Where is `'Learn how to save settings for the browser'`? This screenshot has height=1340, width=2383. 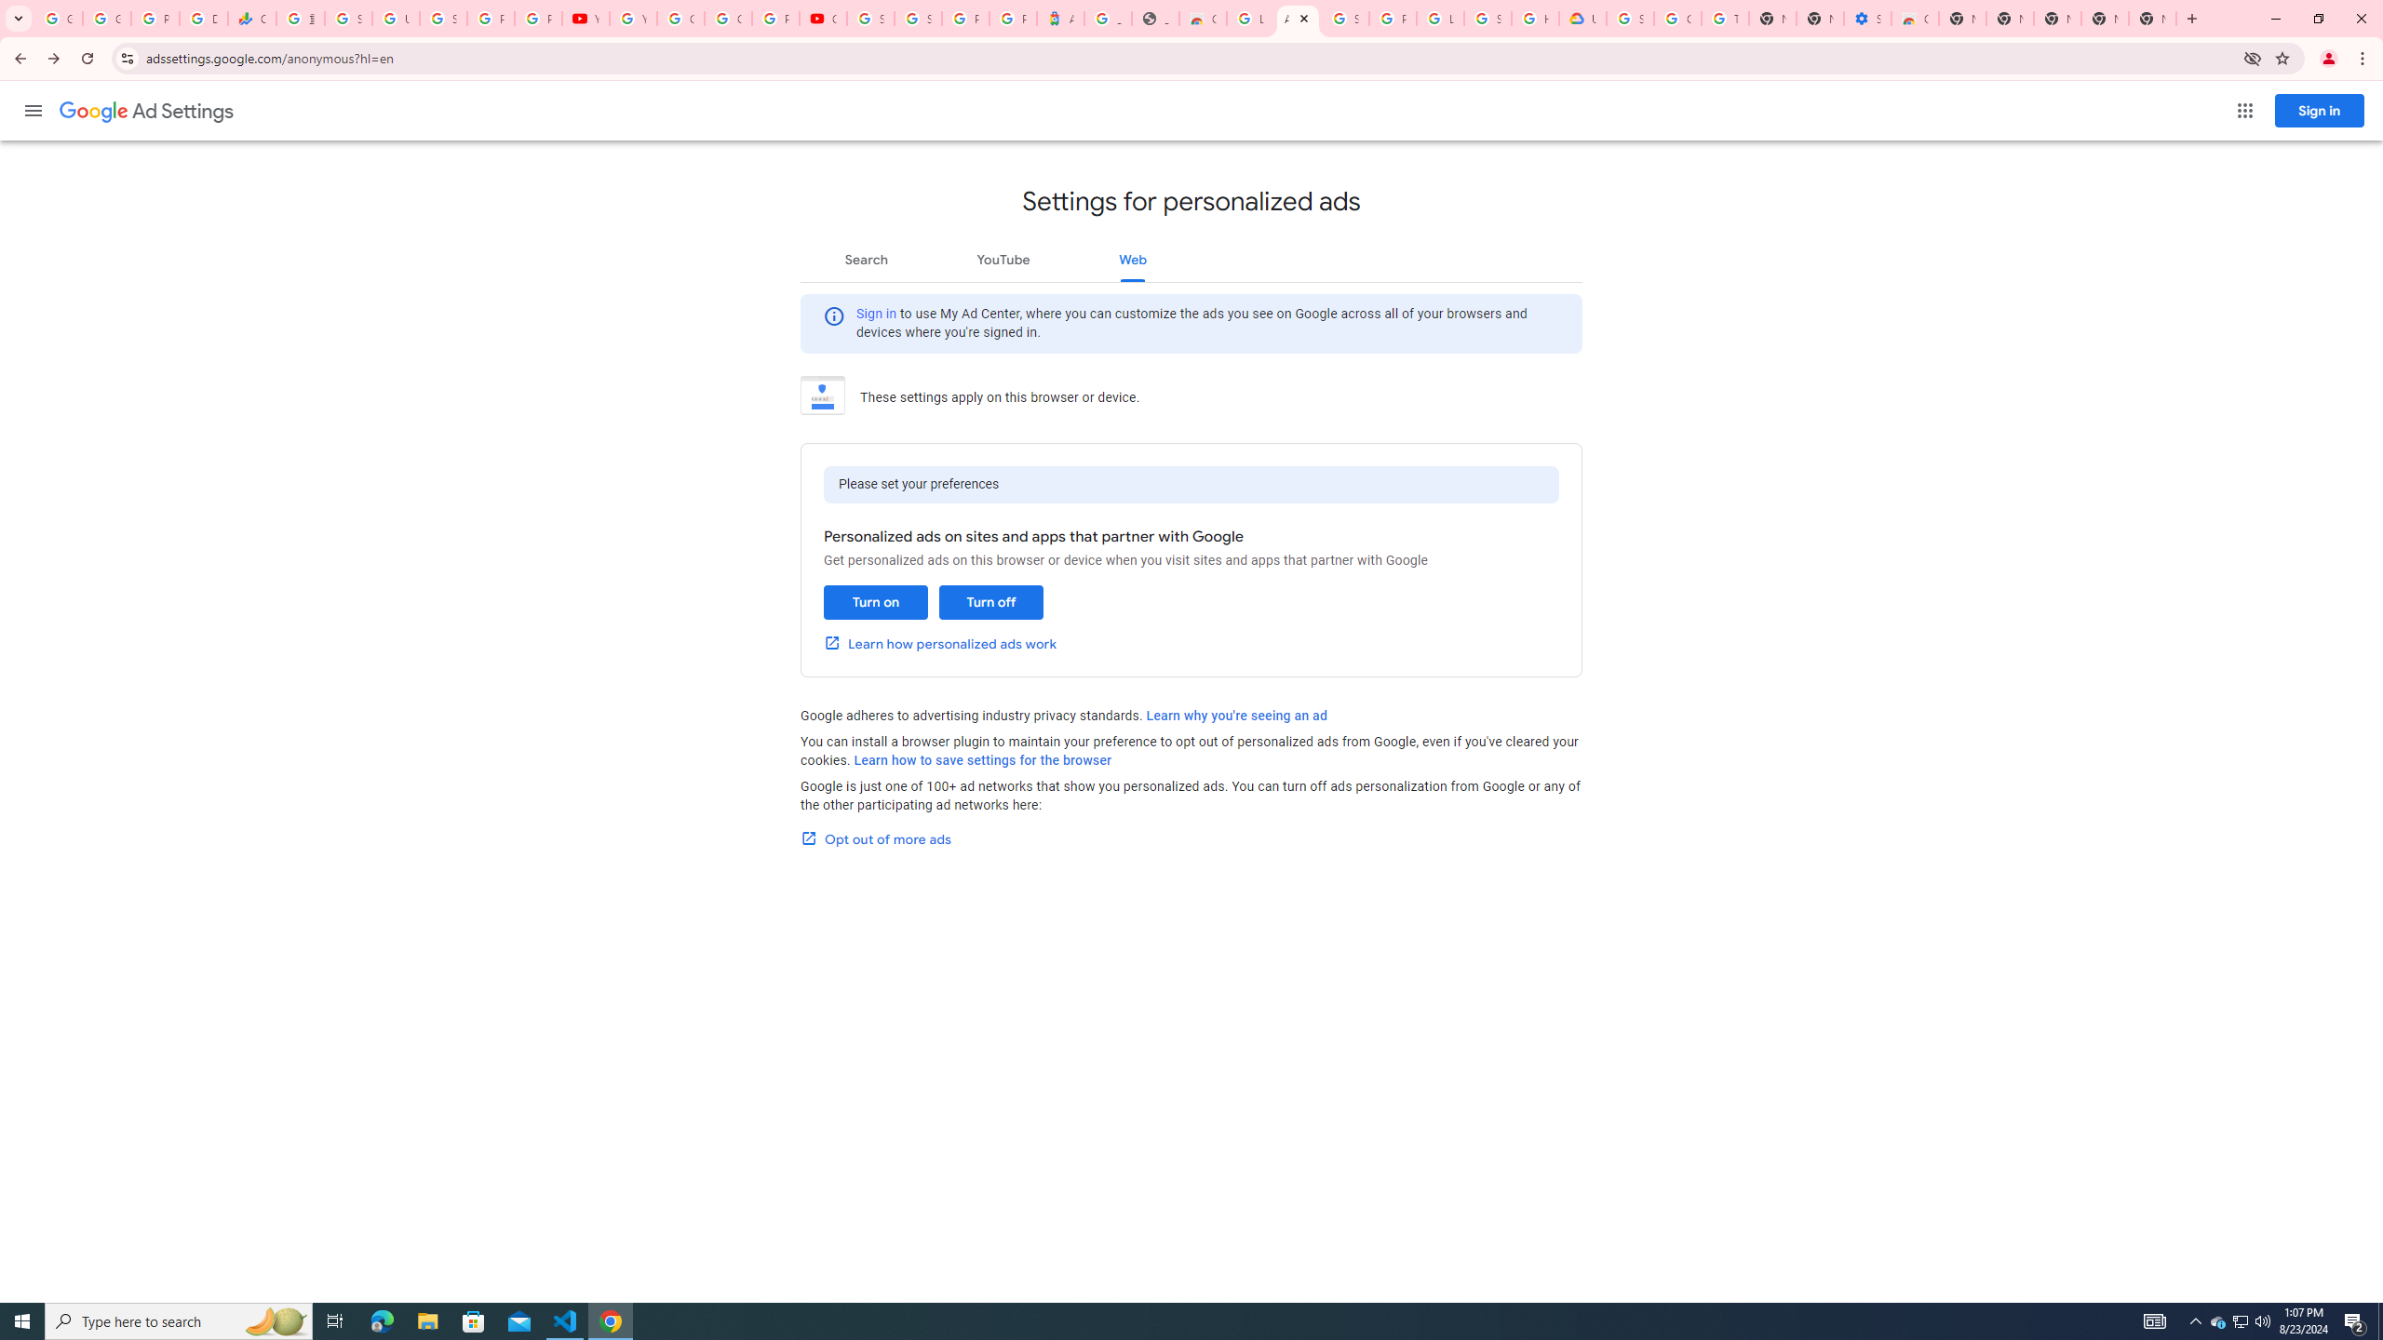 'Learn how to save settings for the browser' is located at coordinates (982, 759).